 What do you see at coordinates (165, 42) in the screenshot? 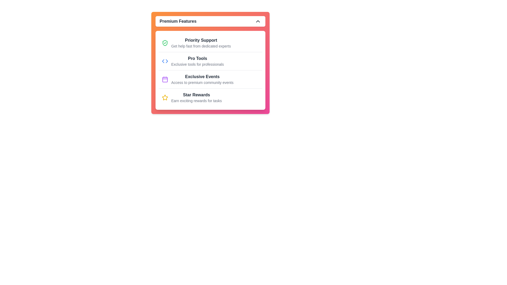
I see `the safety or reliability icon located to the left of the 'Priority Support' text in the premium features list` at bounding box center [165, 42].